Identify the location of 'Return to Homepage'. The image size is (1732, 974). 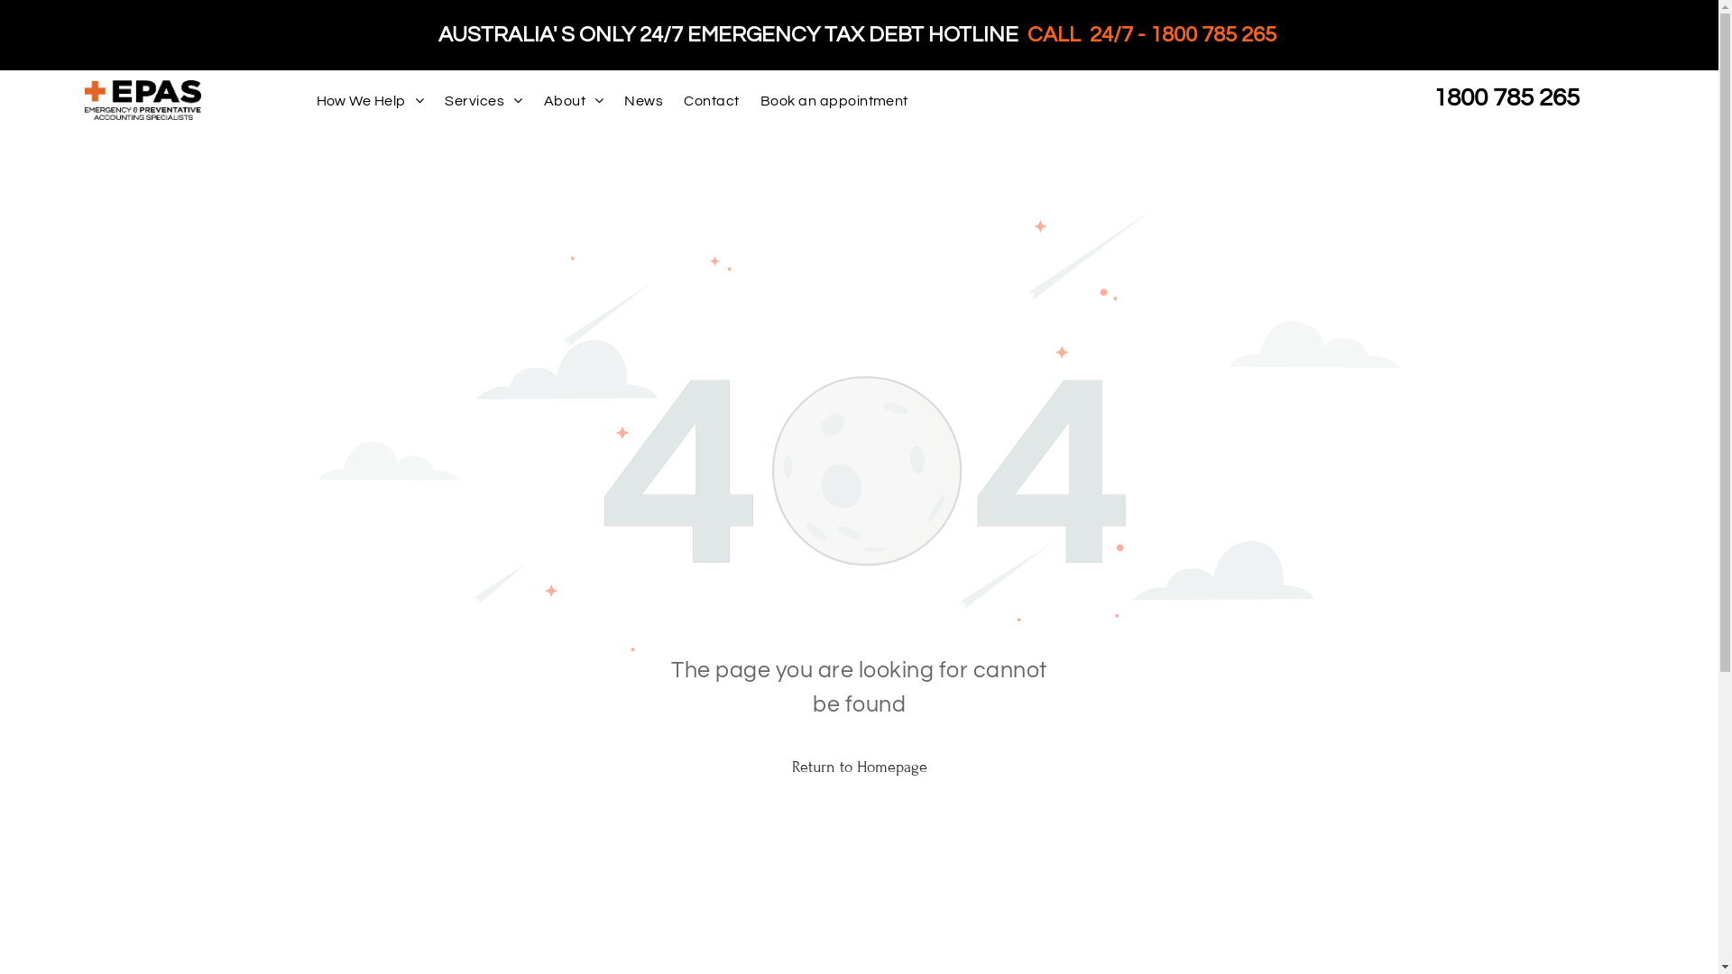
(857, 766).